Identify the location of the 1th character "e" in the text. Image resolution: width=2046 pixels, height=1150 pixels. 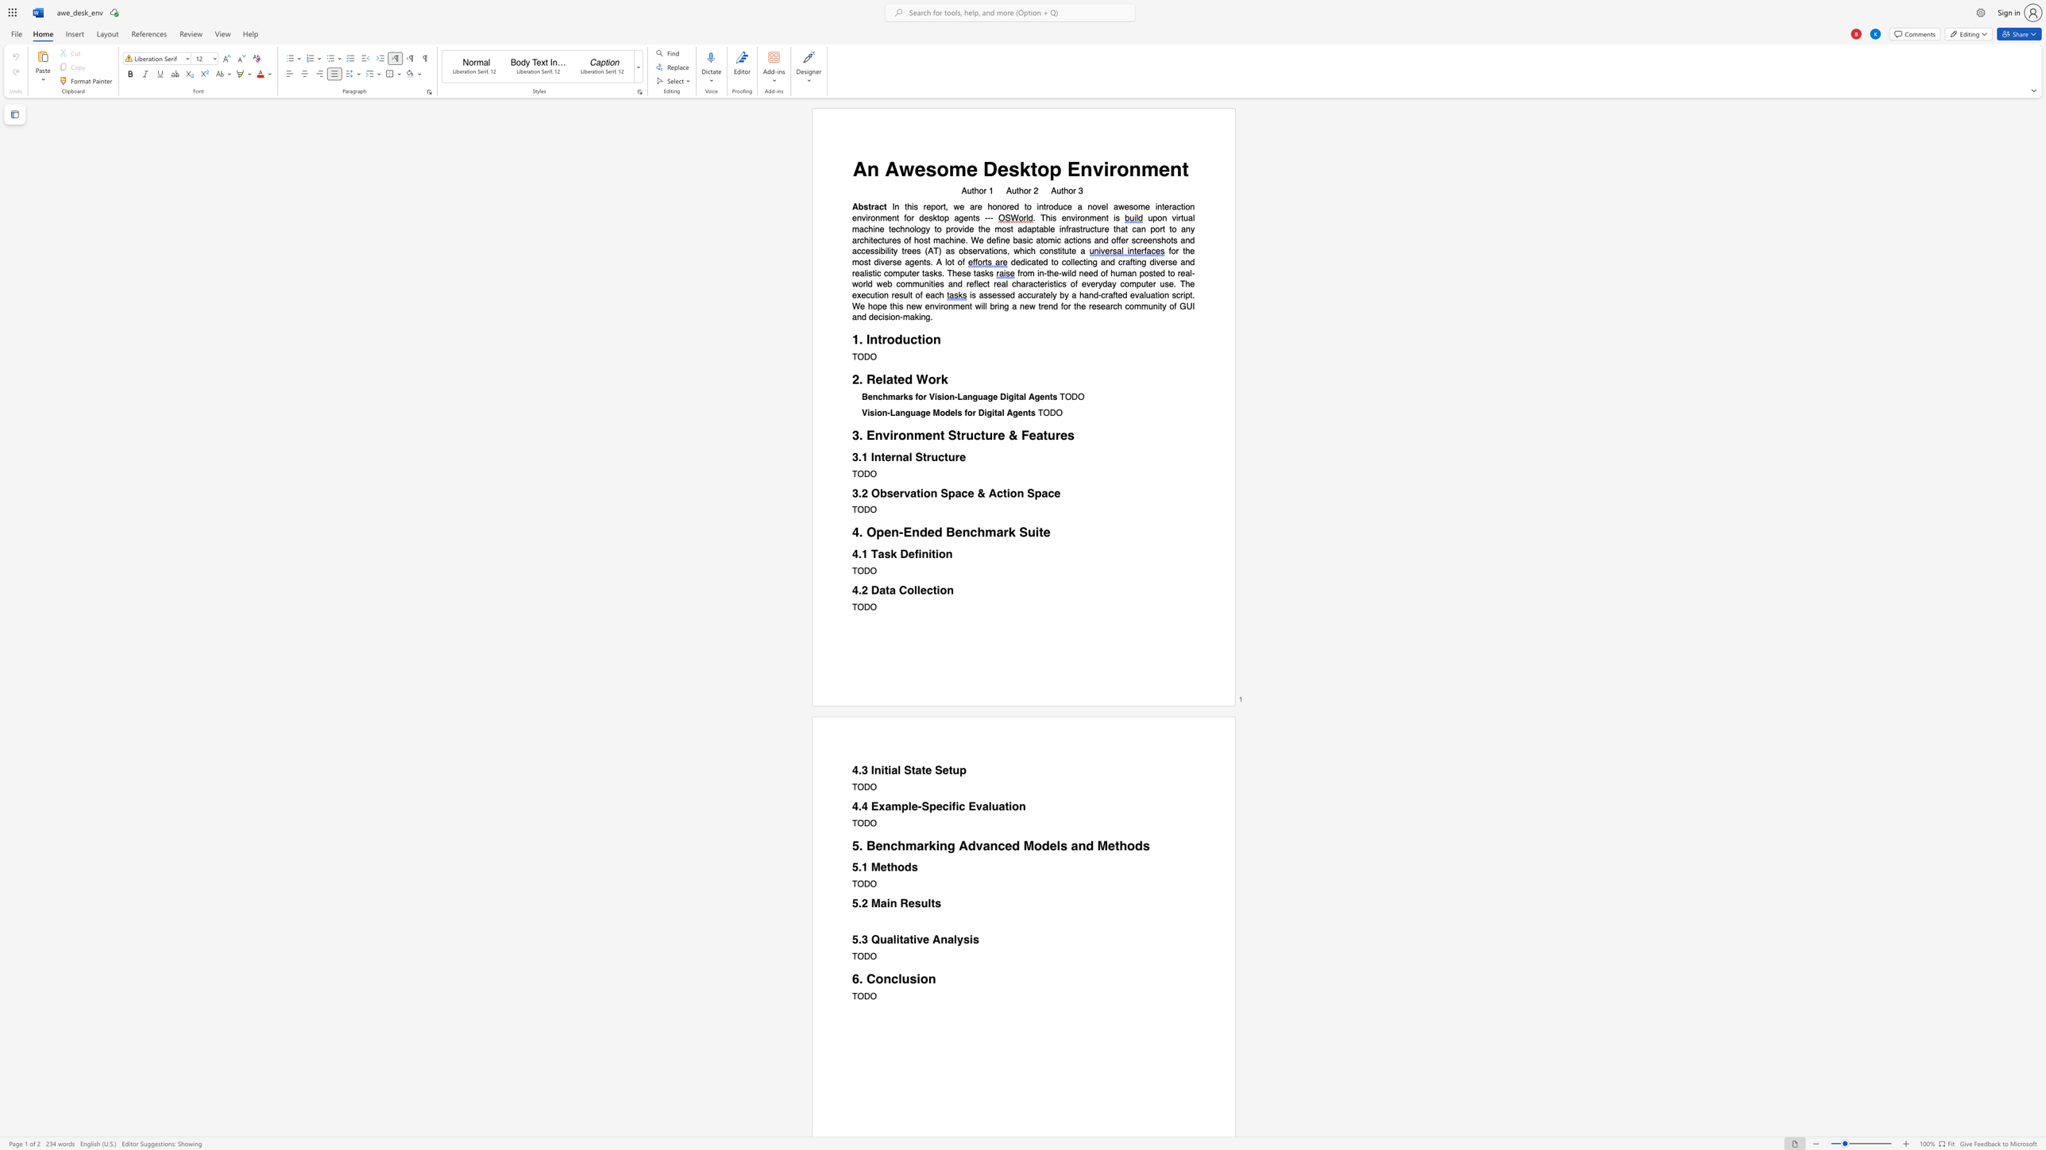
(879, 379).